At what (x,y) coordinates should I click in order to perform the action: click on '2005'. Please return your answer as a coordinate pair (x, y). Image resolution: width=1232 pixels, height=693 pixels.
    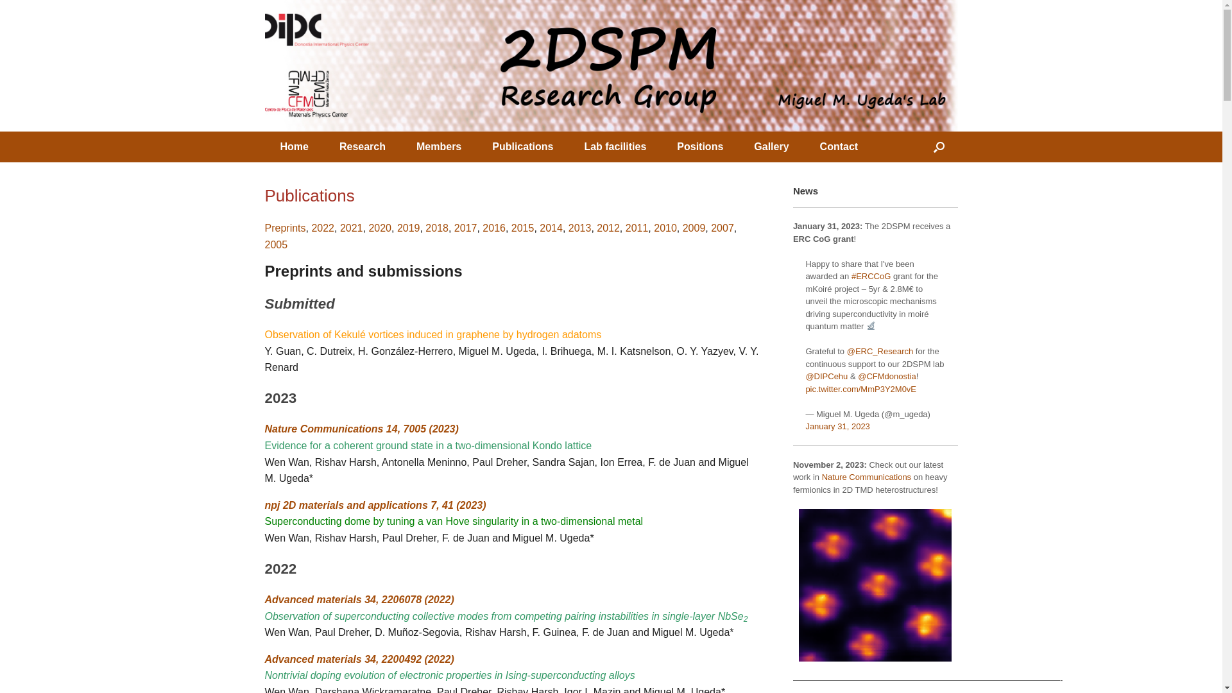
    Looking at the image, I should click on (275, 244).